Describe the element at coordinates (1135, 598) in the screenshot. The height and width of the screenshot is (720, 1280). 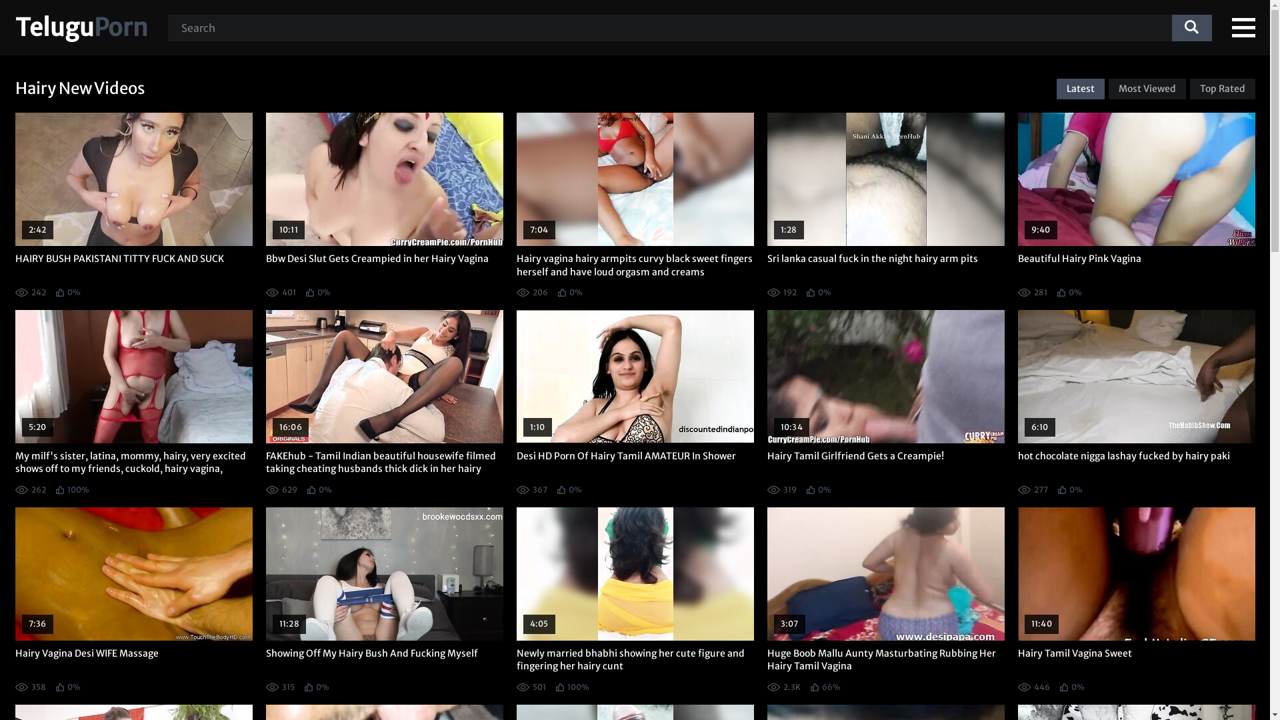
I see `'11:40` at that location.